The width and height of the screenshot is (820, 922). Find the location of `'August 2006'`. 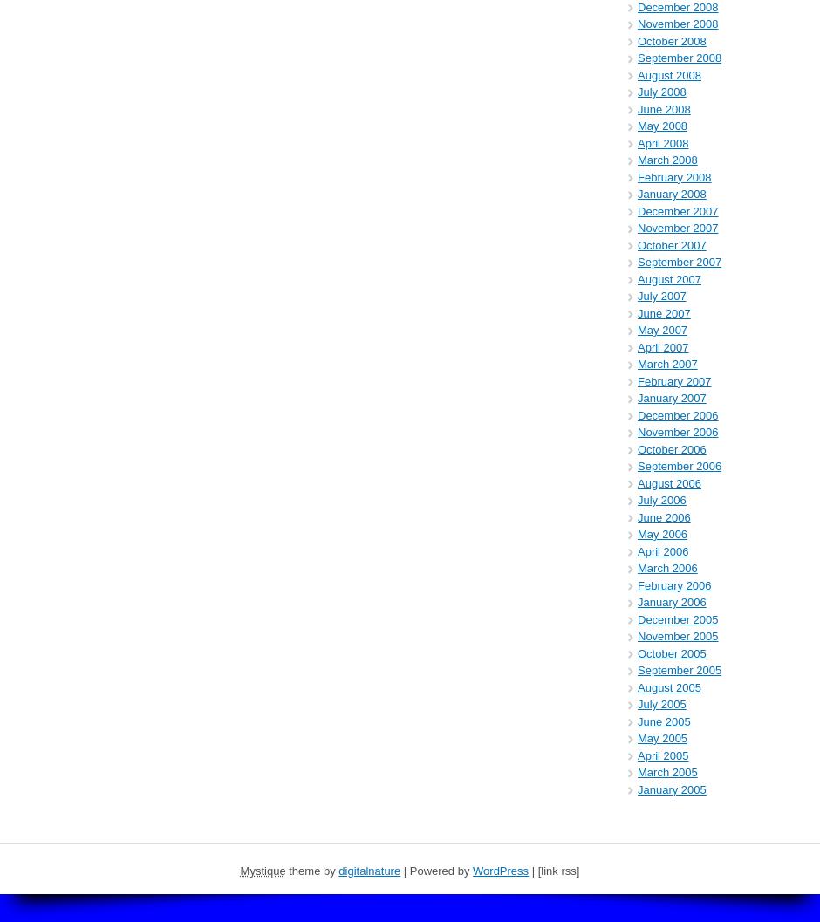

'August 2006' is located at coordinates (668, 481).